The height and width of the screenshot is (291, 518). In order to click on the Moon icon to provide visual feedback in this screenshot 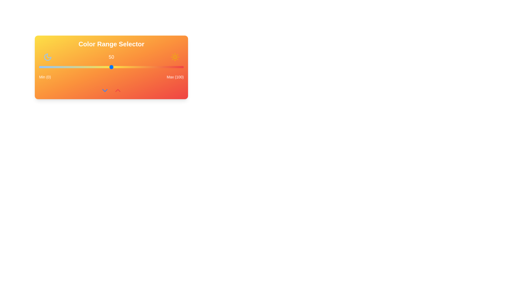, I will do `click(48, 57)`.